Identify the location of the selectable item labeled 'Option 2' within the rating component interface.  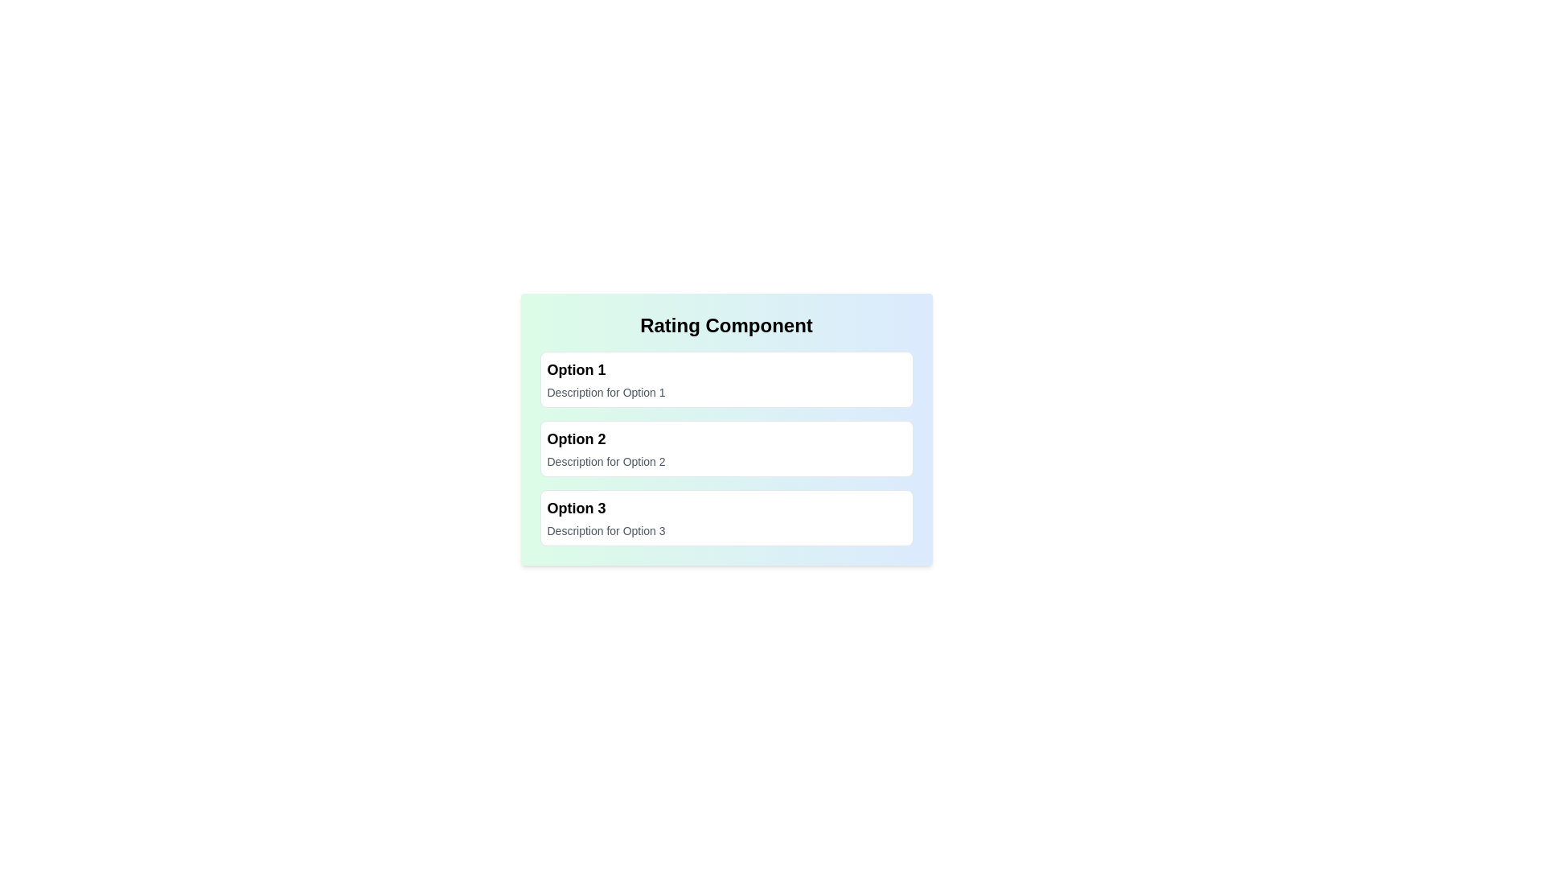
(725, 428).